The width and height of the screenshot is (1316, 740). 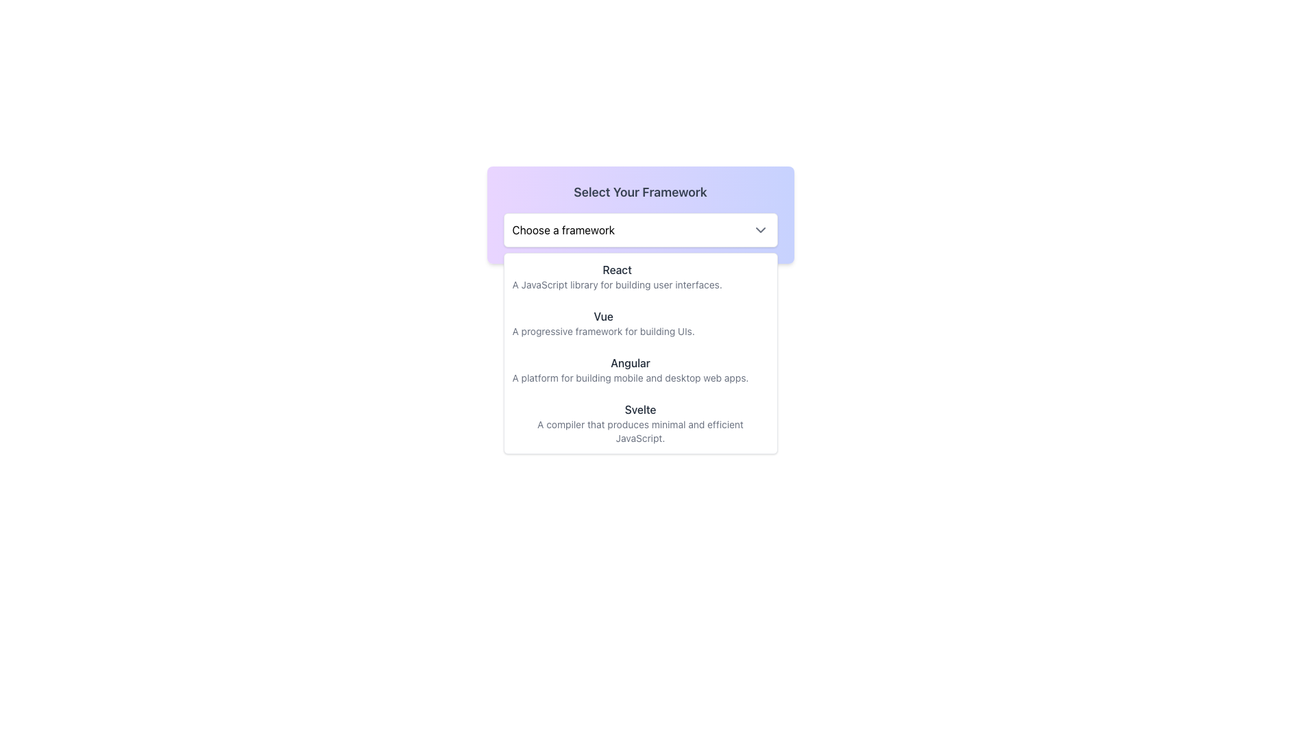 I want to click on the dropdown toggle indicator located to the right of the text 'Choose a framework', so click(x=759, y=229).